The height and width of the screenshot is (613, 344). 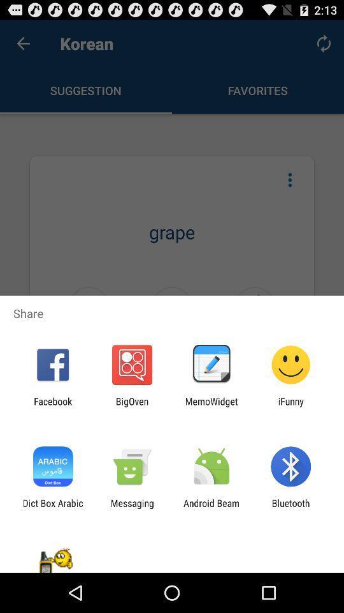 What do you see at coordinates (211, 406) in the screenshot?
I see `the memowidget item` at bounding box center [211, 406].